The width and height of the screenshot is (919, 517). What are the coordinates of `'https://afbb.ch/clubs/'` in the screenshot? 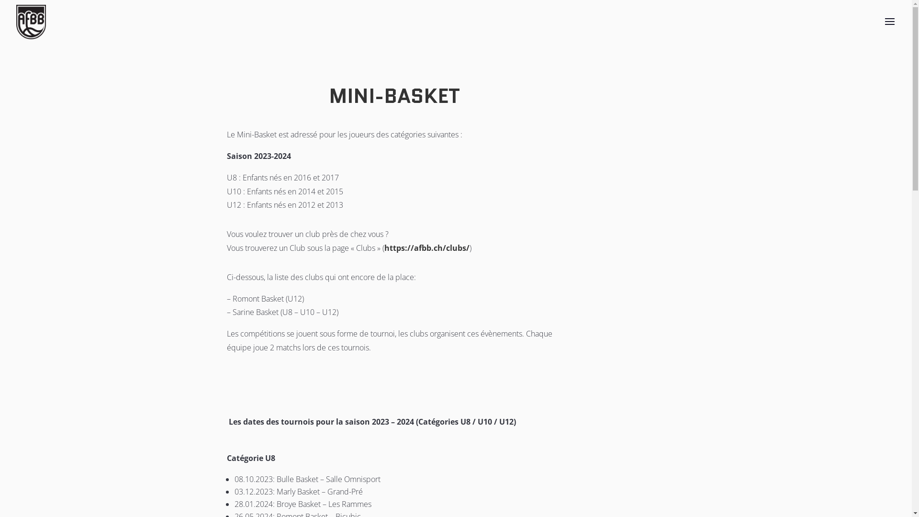 It's located at (426, 247).